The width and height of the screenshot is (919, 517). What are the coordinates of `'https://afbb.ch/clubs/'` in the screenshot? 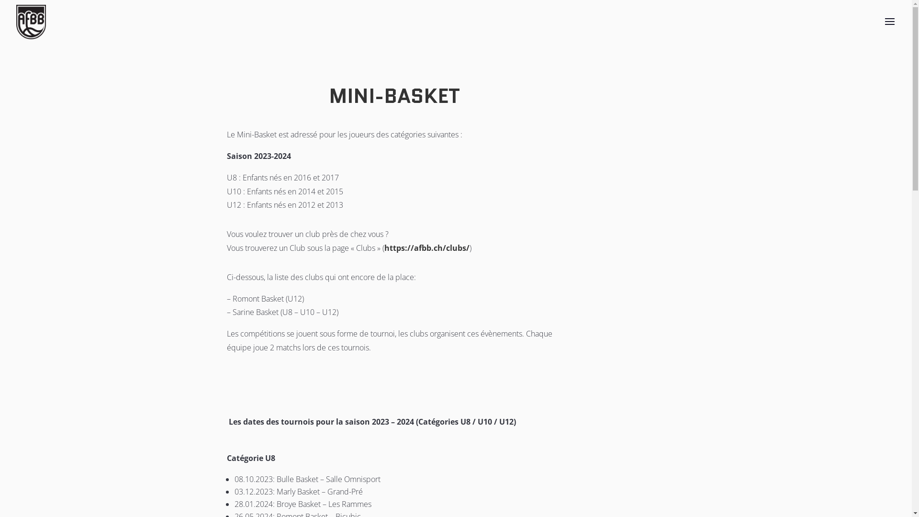 It's located at (426, 247).